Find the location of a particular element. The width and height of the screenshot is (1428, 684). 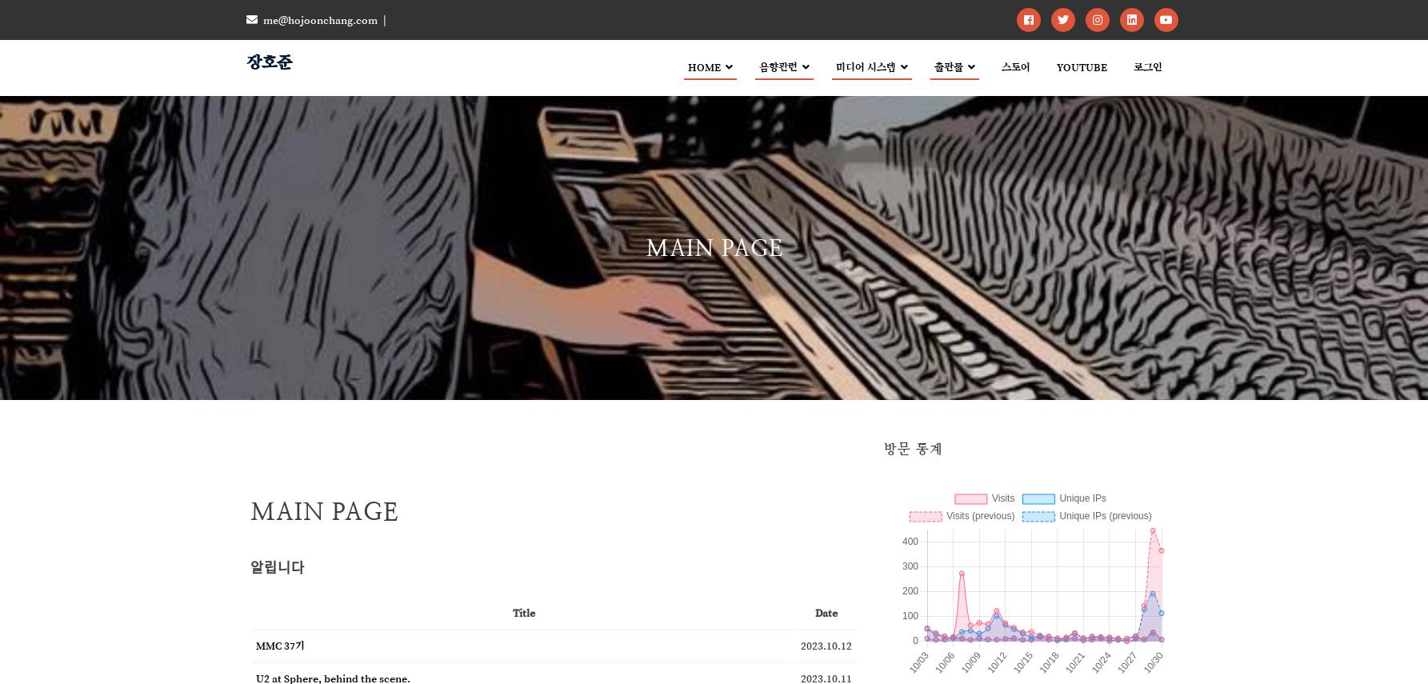

'YOUTUBE' is located at coordinates (1081, 66).